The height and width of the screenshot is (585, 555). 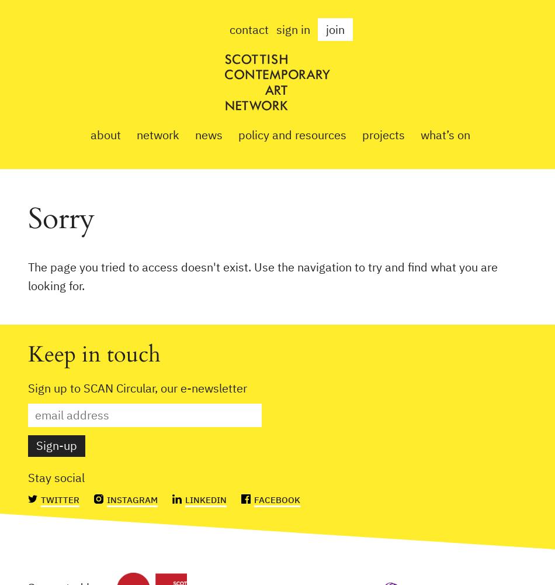 What do you see at coordinates (137, 388) in the screenshot?
I see `'Sign up to SCAN Circular, our e-newsletter'` at bounding box center [137, 388].